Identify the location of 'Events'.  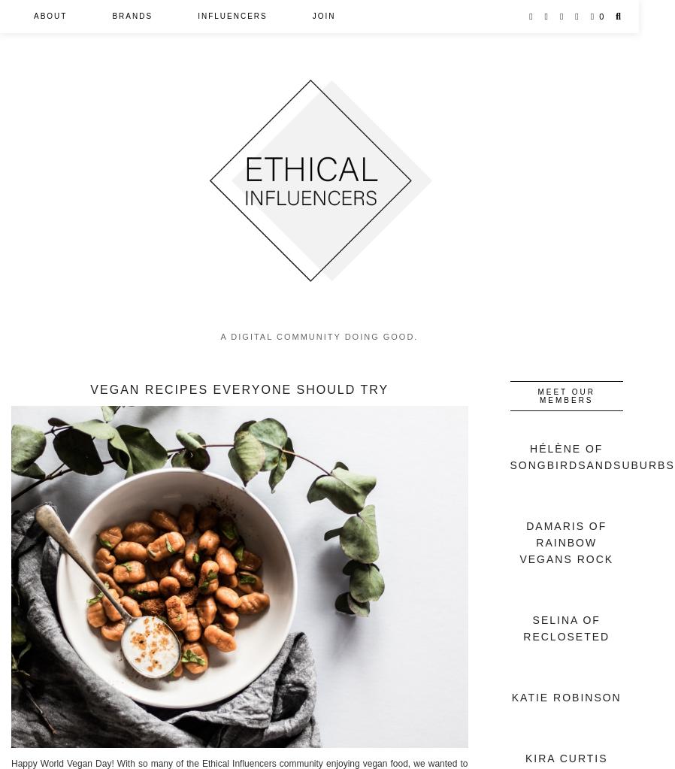
(216, 117).